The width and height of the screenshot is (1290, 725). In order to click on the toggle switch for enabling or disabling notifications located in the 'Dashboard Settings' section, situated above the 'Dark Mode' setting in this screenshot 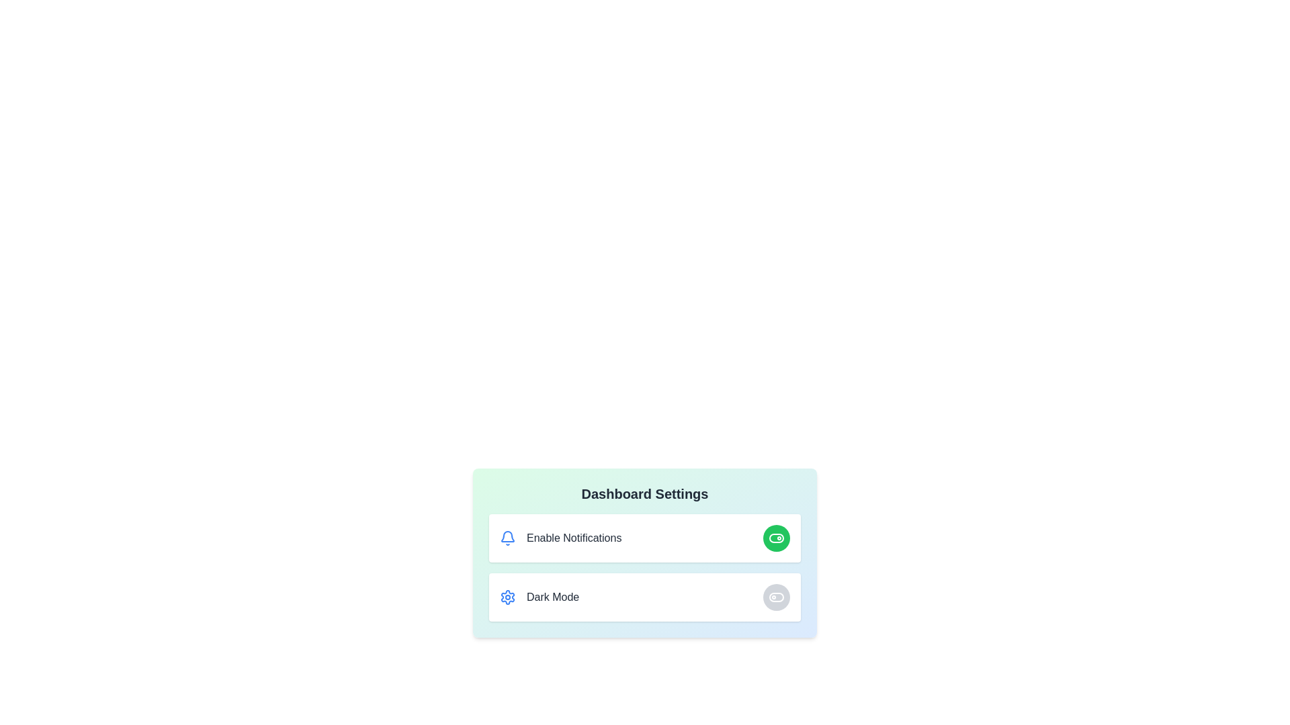, I will do `click(645, 538)`.